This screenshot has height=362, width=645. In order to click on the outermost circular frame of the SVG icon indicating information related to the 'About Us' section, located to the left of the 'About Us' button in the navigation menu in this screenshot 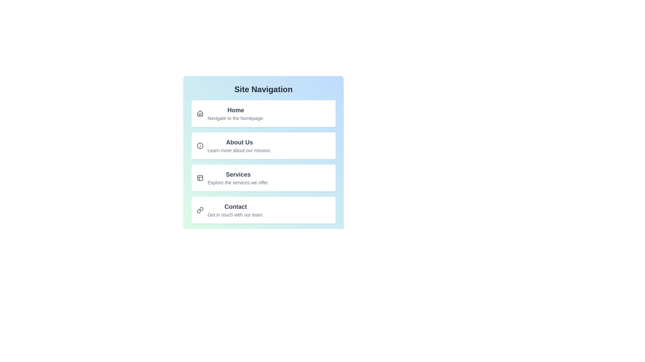, I will do `click(200, 145)`.